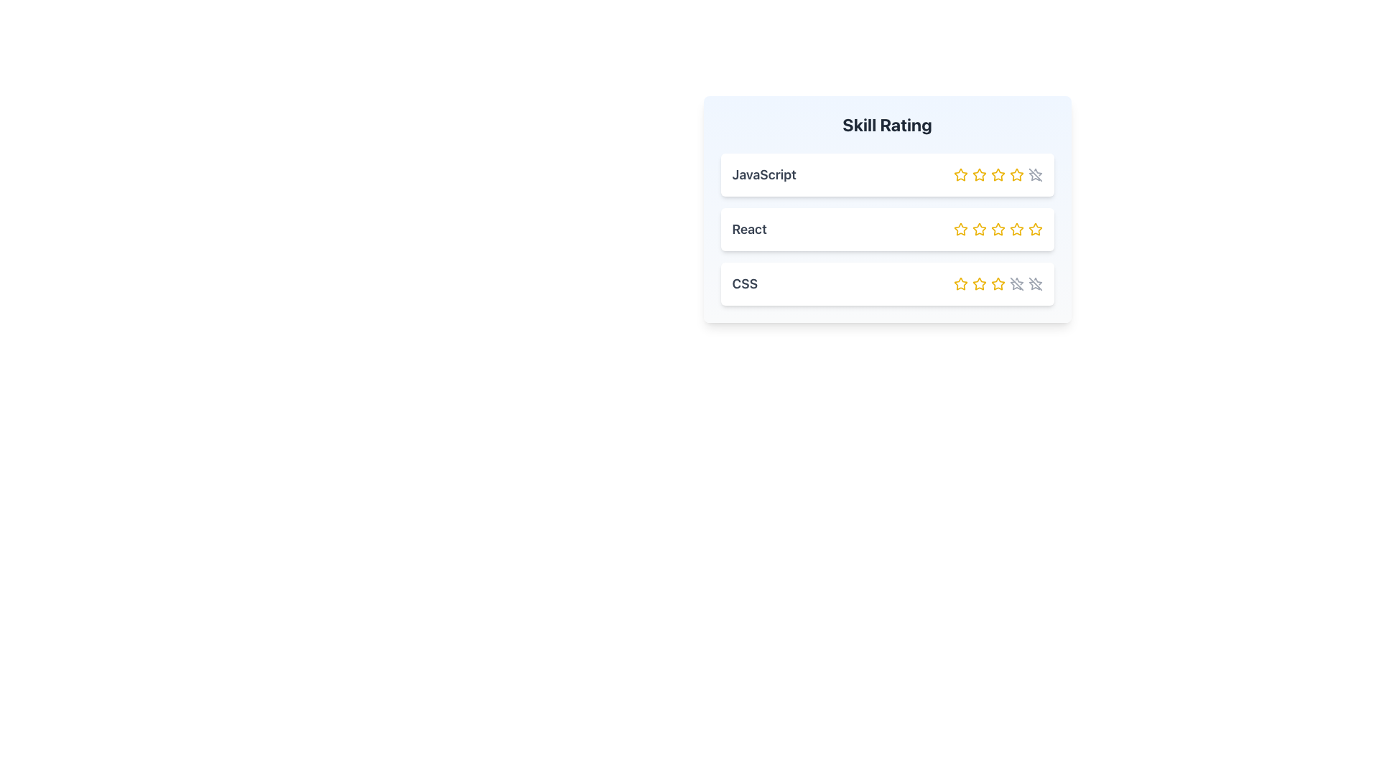 The width and height of the screenshot is (1379, 775). What do you see at coordinates (997, 174) in the screenshot?
I see `the third star icon in the rating control for 'JavaScript'` at bounding box center [997, 174].